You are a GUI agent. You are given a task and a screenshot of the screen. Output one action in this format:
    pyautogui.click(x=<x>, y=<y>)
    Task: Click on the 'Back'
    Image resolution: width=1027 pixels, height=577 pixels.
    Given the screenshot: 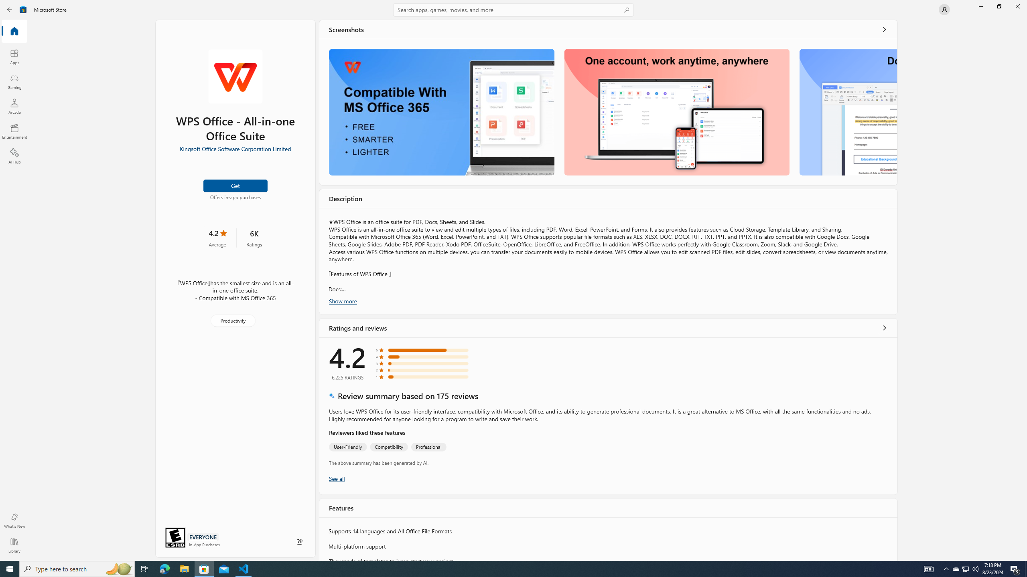 What is the action you would take?
    pyautogui.click(x=10, y=9)
    